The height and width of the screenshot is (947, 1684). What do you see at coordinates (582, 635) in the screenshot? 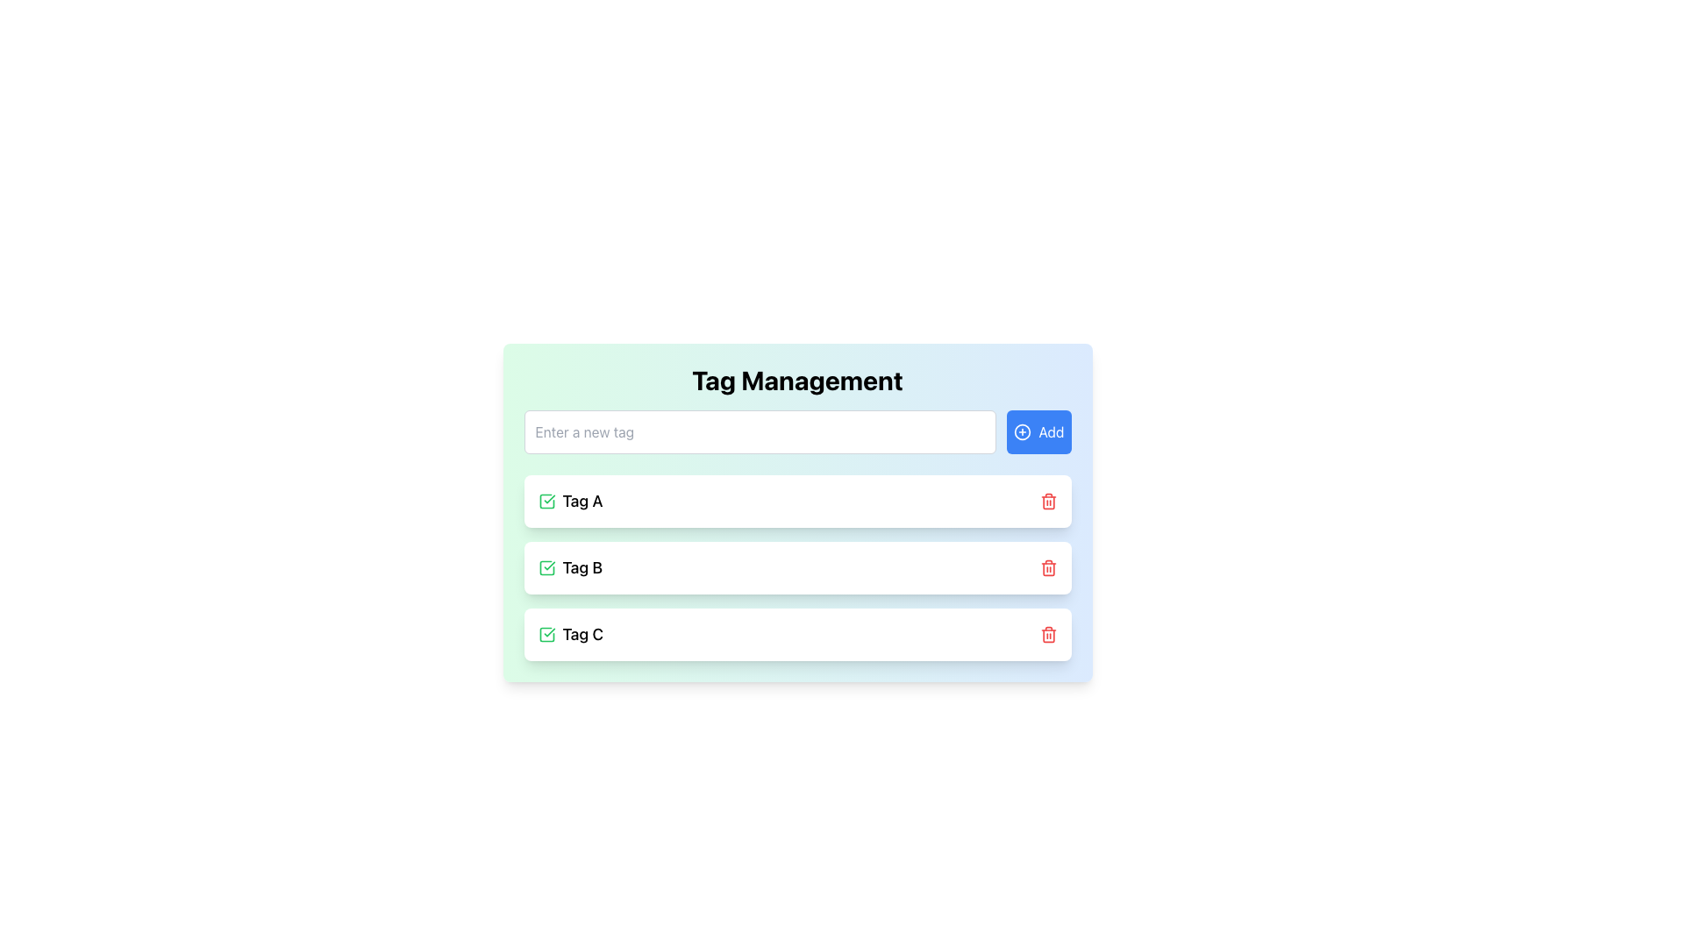
I see `the text label representing the third item in the 'Tag Management' list, which is aligned with a green checkmark icon to the left and a red delete icon to the right` at bounding box center [582, 635].